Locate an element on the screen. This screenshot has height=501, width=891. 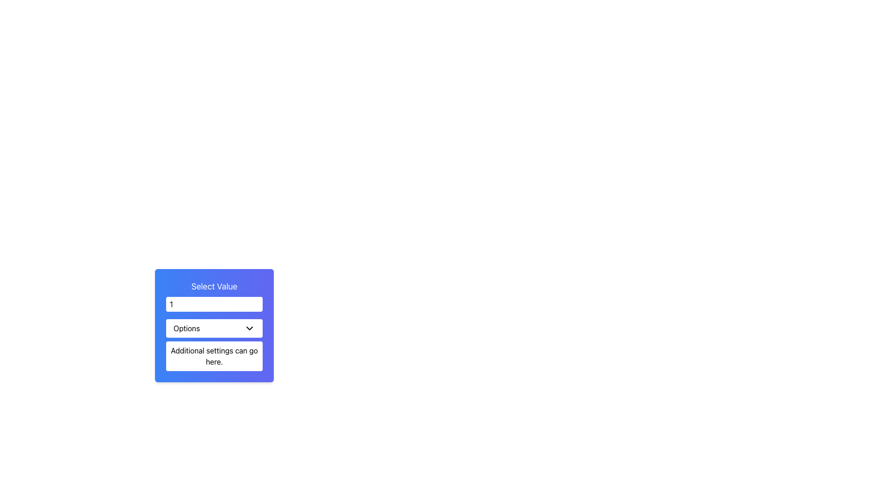
the Informational Text Box that provides additional settings or options to the user, located below the 'Options' dropdown is located at coordinates (213, 355).